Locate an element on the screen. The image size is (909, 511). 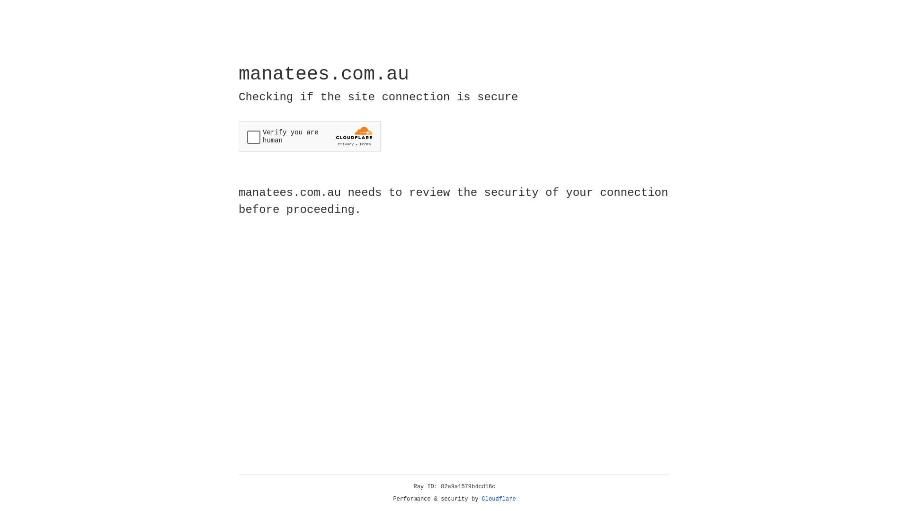
'Cloudflare' is located at coordinates (481, 499).